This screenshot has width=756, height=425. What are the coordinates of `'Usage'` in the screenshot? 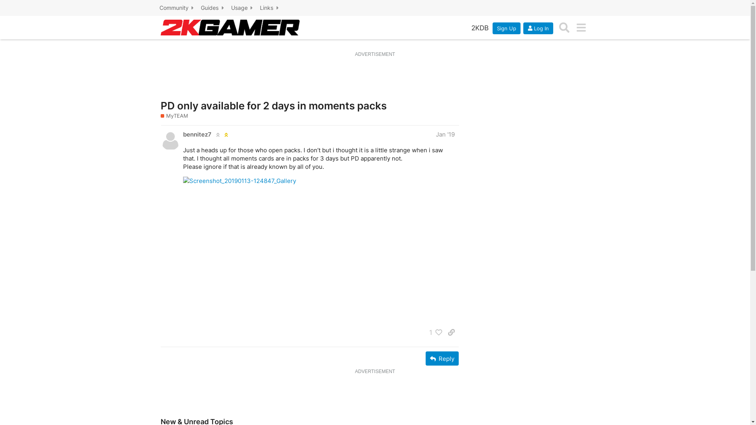 It's located at (243, 7).